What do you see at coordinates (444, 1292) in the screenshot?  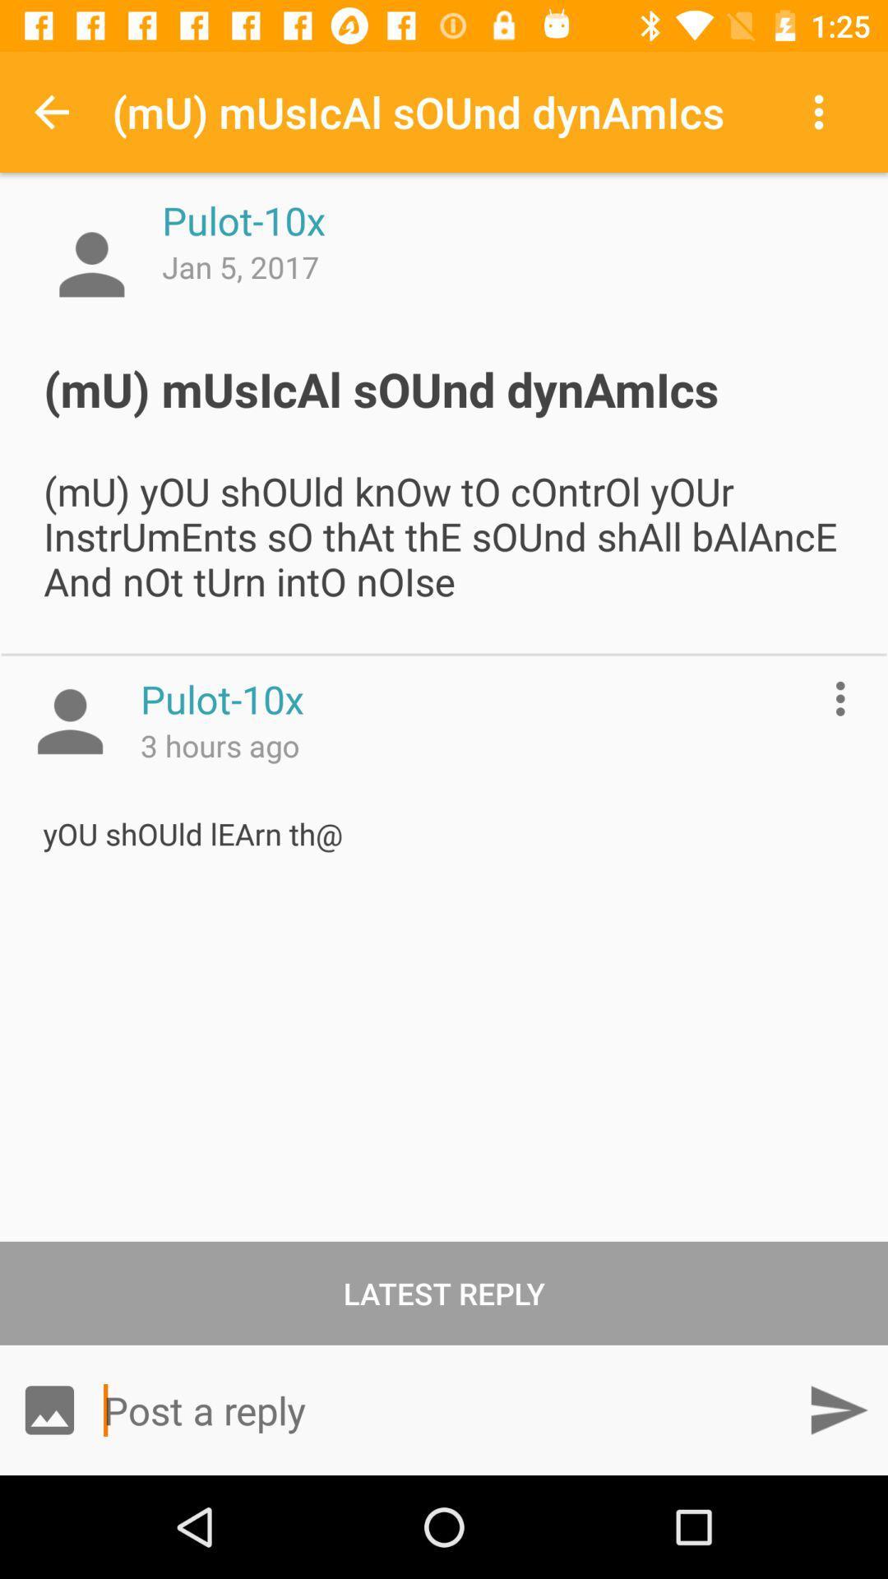 I see `the latest reply item` at bounding box center [444, 1292].